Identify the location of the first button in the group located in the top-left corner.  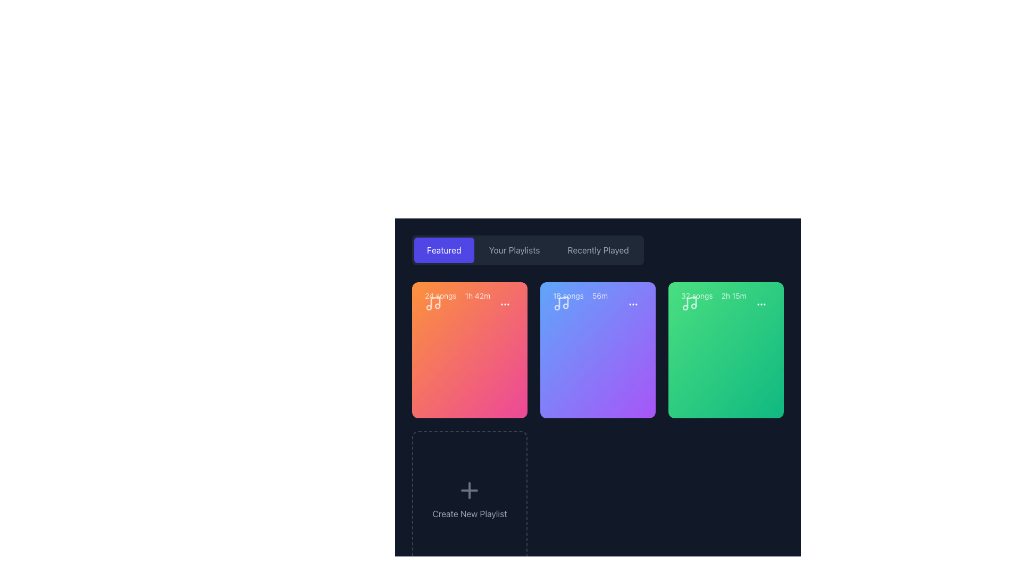
(444, 250).